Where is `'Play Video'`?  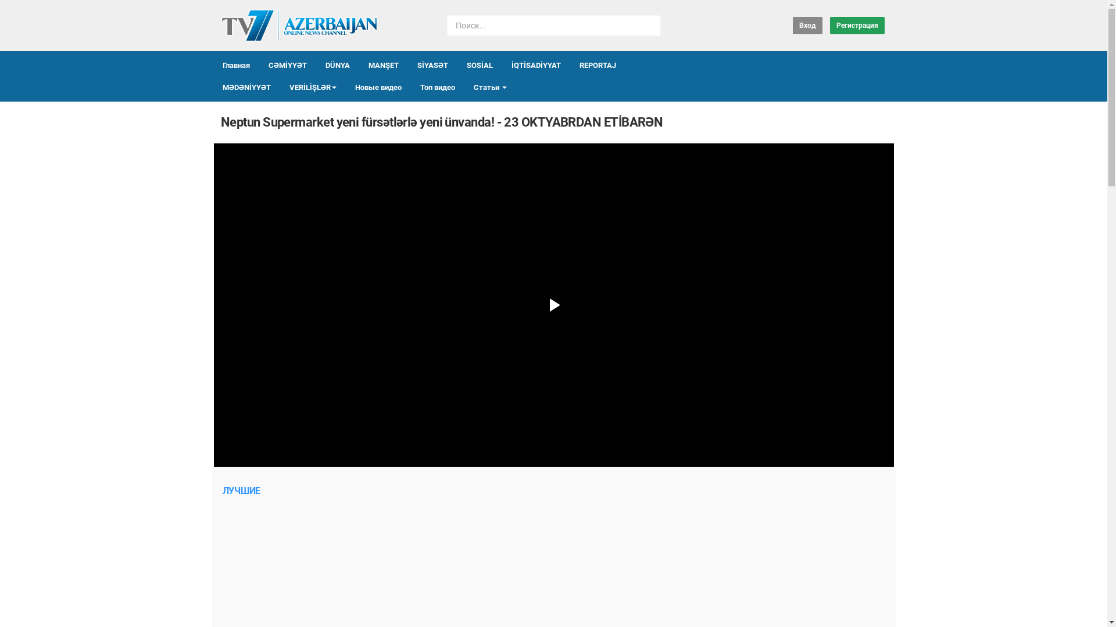
'Play Video' is located at coordinates (552, 304).